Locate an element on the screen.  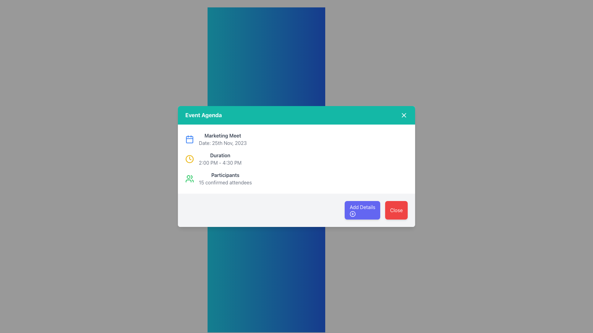
the text label displaying the time range '2:00 PM - 4:30 PM' which is styled in gray and located just below the bolded label 'Duration' in the 'Event Agenda' dialog panel is located at coordinates (220, 162).